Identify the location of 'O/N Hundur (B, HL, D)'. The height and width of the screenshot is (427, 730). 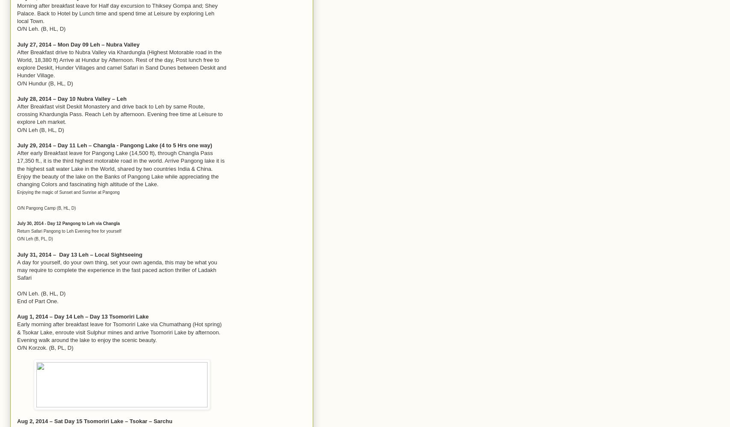
(45, 82).